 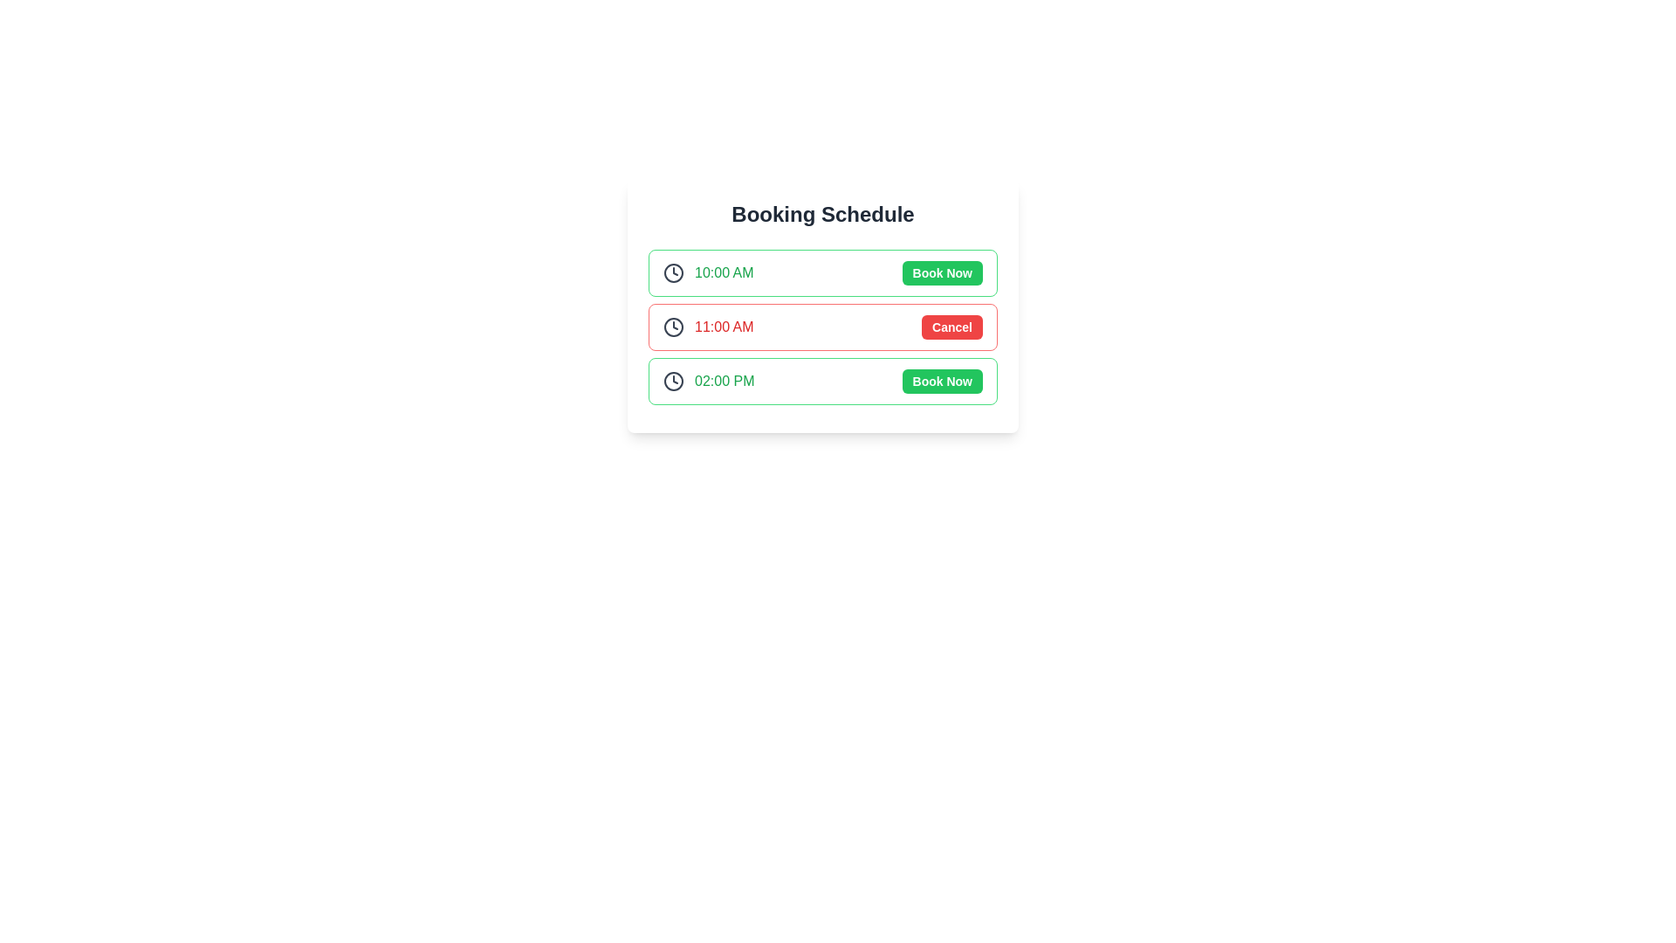 What do you see at coordinates (941, 380) in the screenshot?
I see `the button to book the slot at 02:00 PM located at the far right of the booking card` at bounding box center [941, 380].